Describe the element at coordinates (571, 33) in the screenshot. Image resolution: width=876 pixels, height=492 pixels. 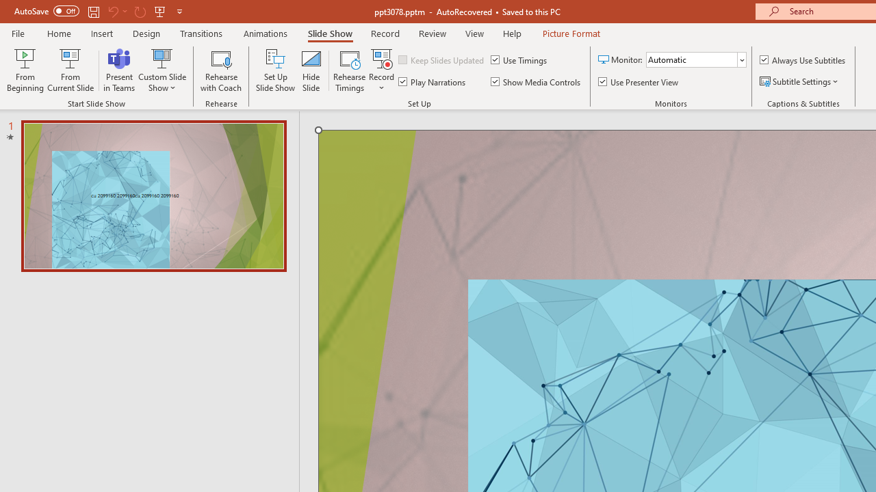
I see `'Picture Format'` at that location.